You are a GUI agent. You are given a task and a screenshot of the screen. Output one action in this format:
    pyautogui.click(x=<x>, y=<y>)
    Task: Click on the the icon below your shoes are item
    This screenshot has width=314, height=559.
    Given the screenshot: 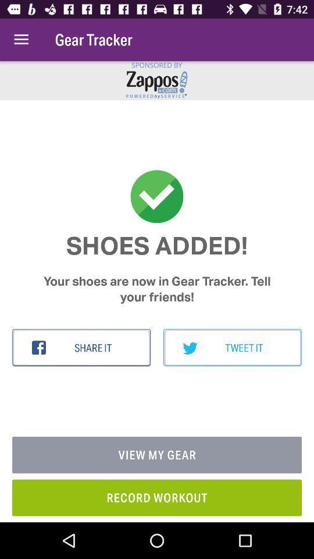 What is the action you would take?
    pyautogui.click(x=232, y=348)
    